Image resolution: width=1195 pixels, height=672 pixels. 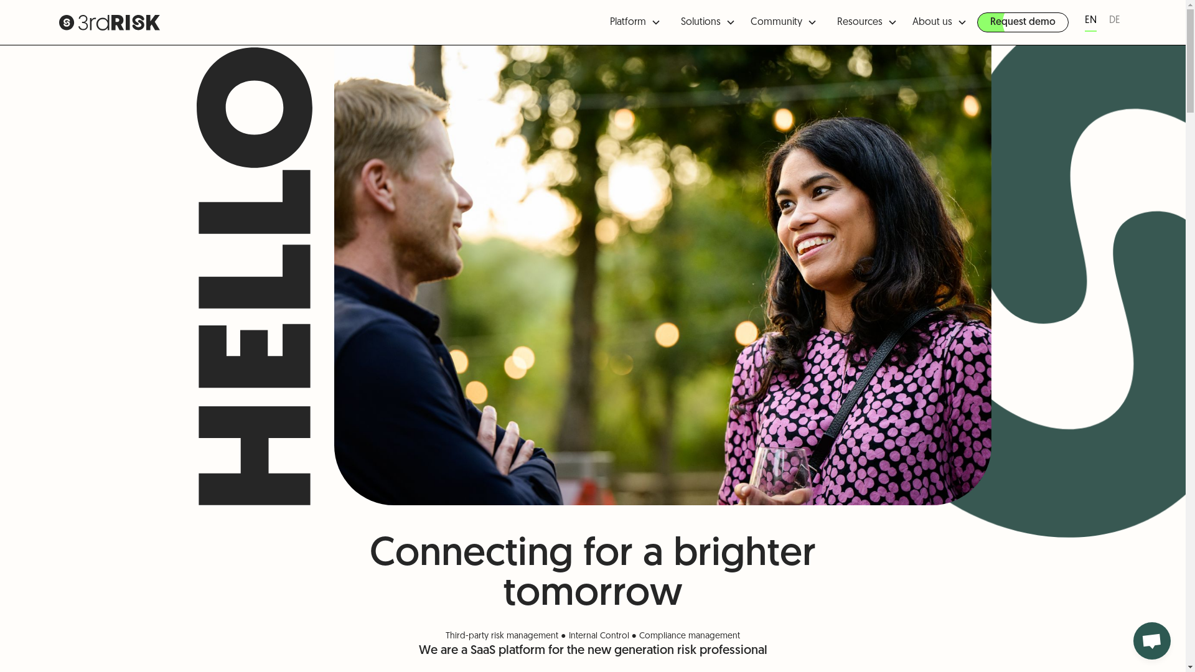 I want to click on 'DE', so click(x=1114, y=22).